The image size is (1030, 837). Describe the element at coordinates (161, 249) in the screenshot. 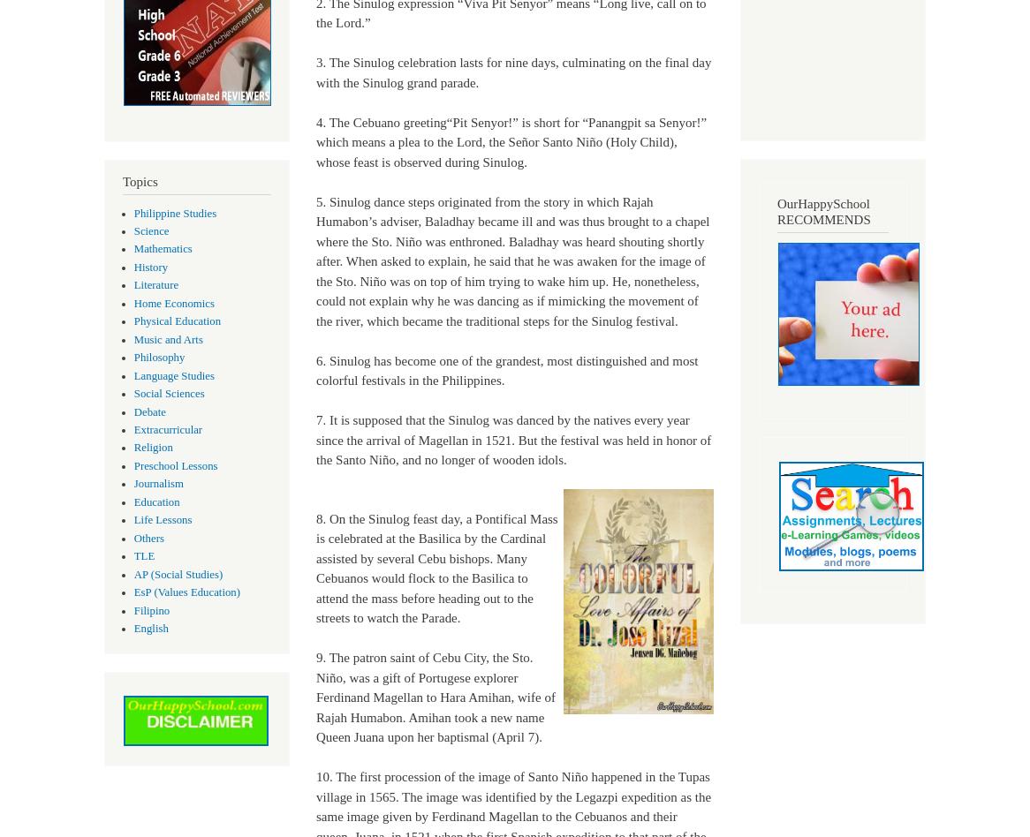

I see `'Mathematics'` at that location.